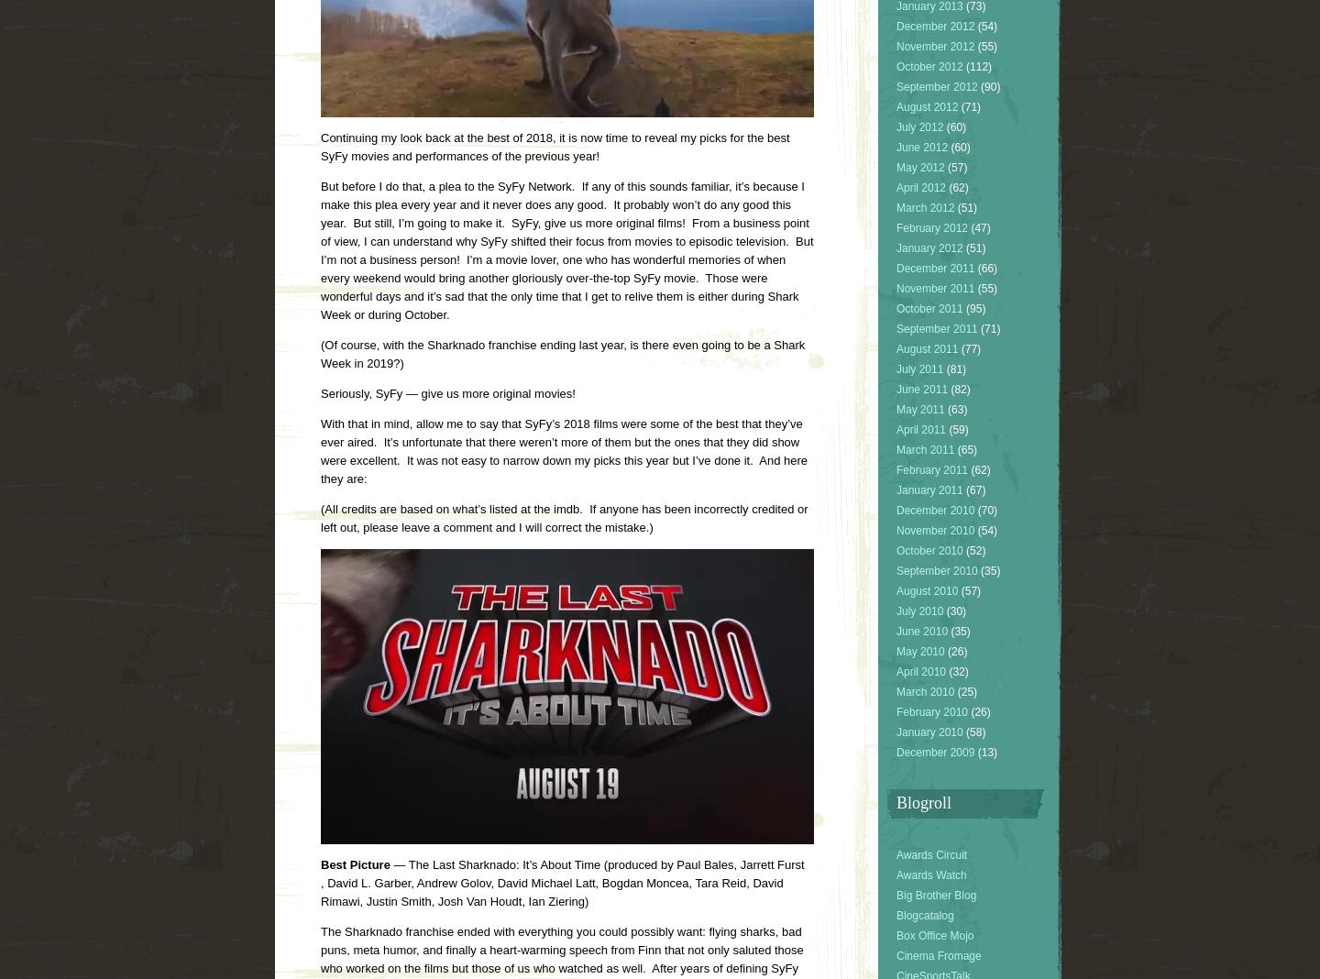 Image resolution: width=1320 pixels, height=979 pixels. Describe the element at coordinates (965, 691) in the screenshot. I see `'(25)'` at that location.